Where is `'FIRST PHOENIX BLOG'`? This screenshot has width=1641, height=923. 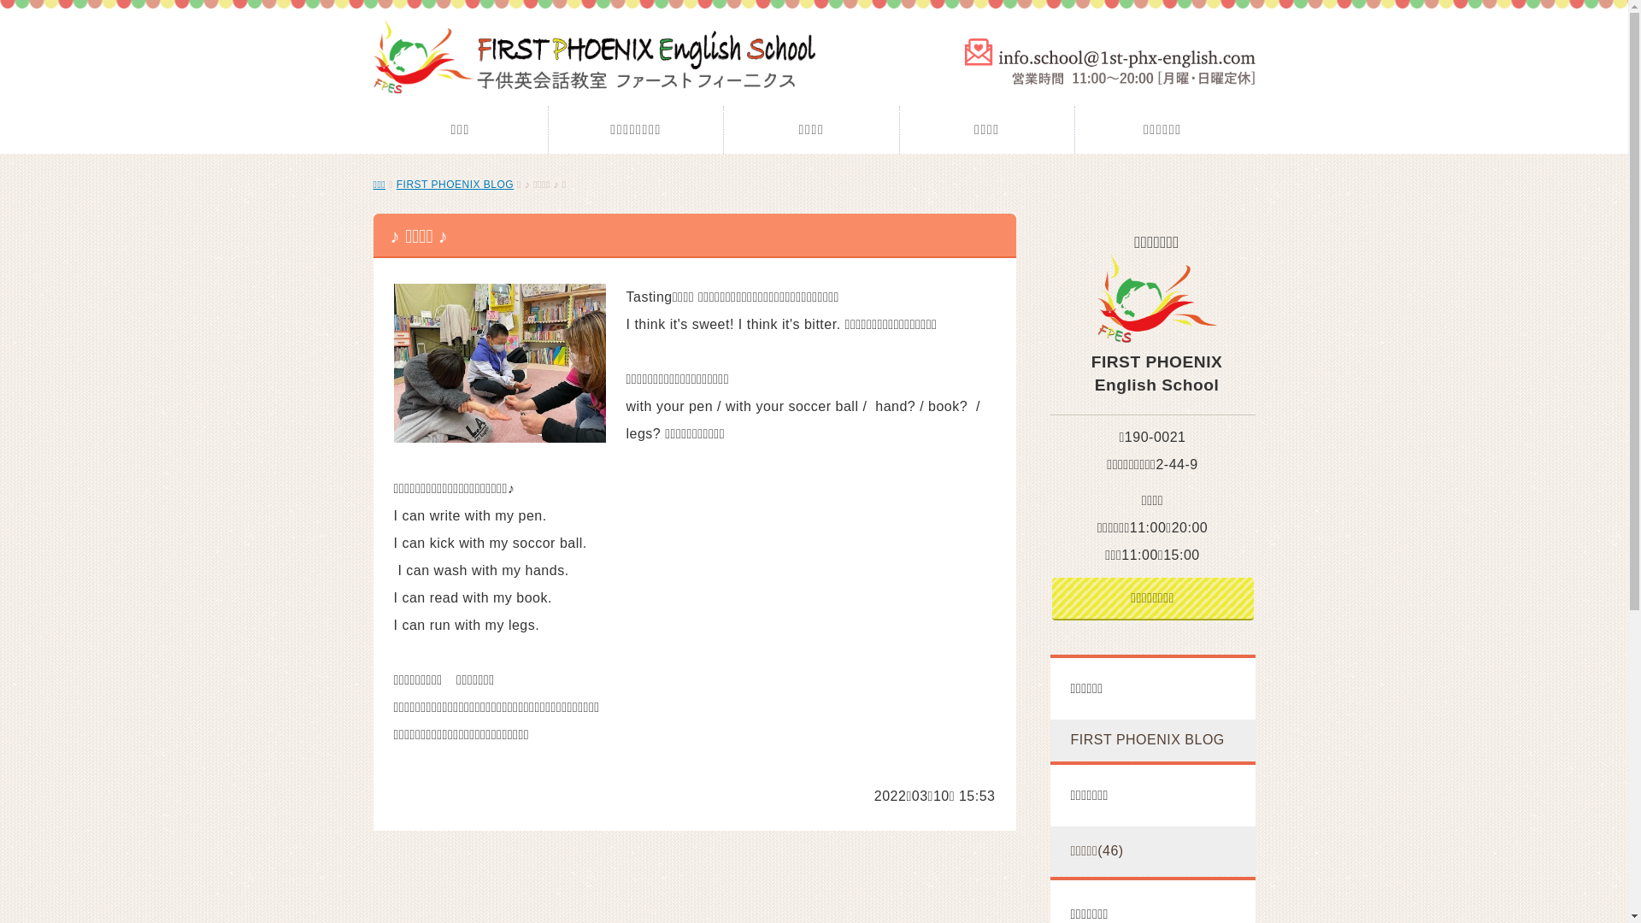
'FIRST PHOENIX BLOG' is located at coordinates (455, 185).